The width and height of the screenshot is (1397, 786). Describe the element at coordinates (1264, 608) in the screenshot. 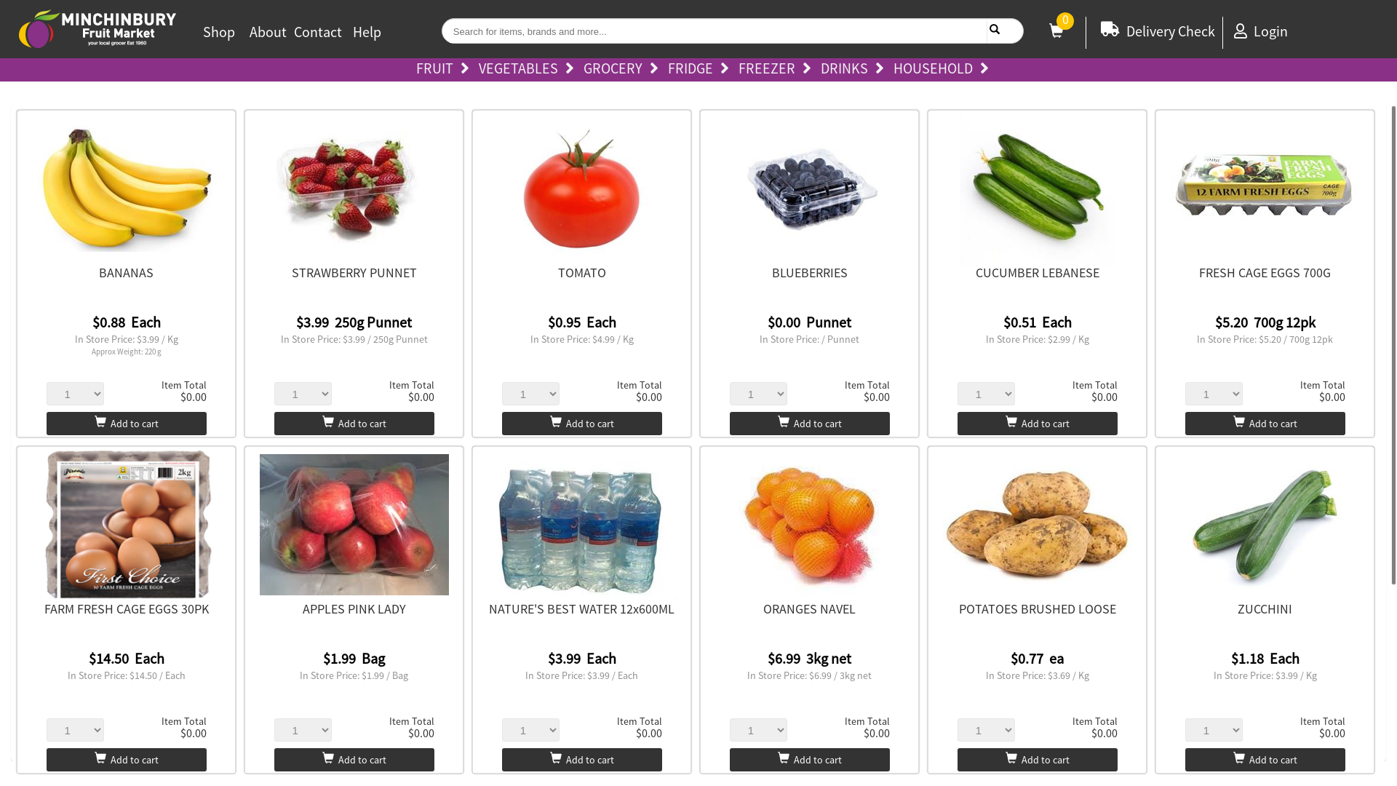

I see `'ZUCCHINI'` at that location.